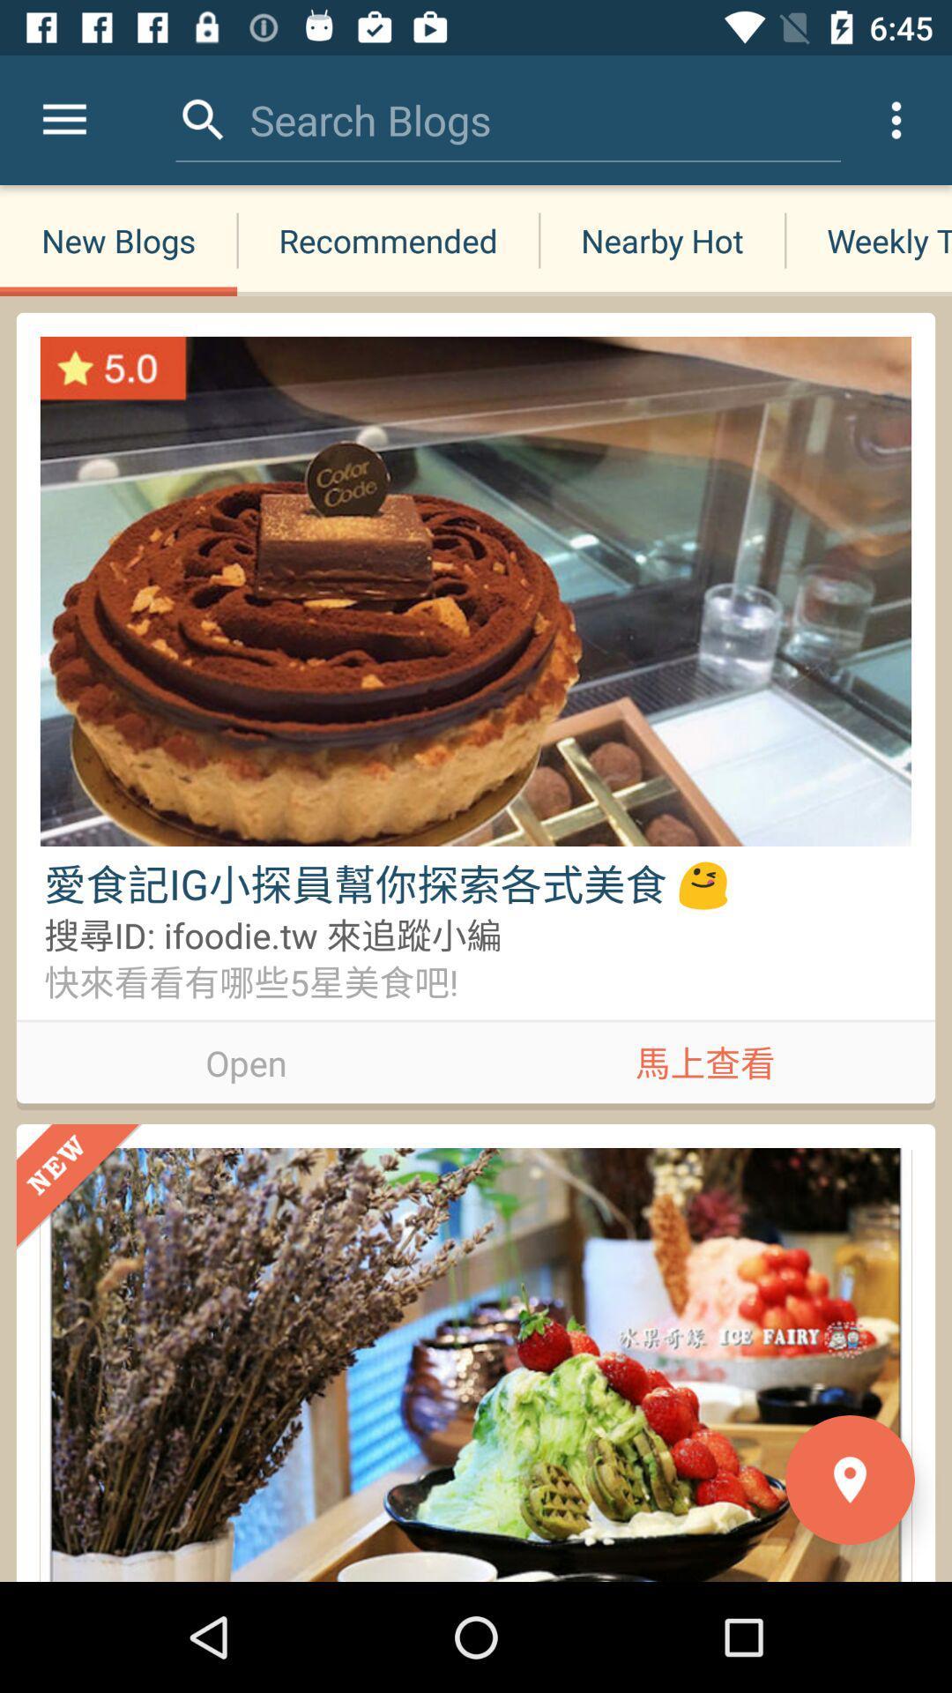 The image size is (952, 1693). I want to click on the icon above weekly tops icon, so click(896, 119).